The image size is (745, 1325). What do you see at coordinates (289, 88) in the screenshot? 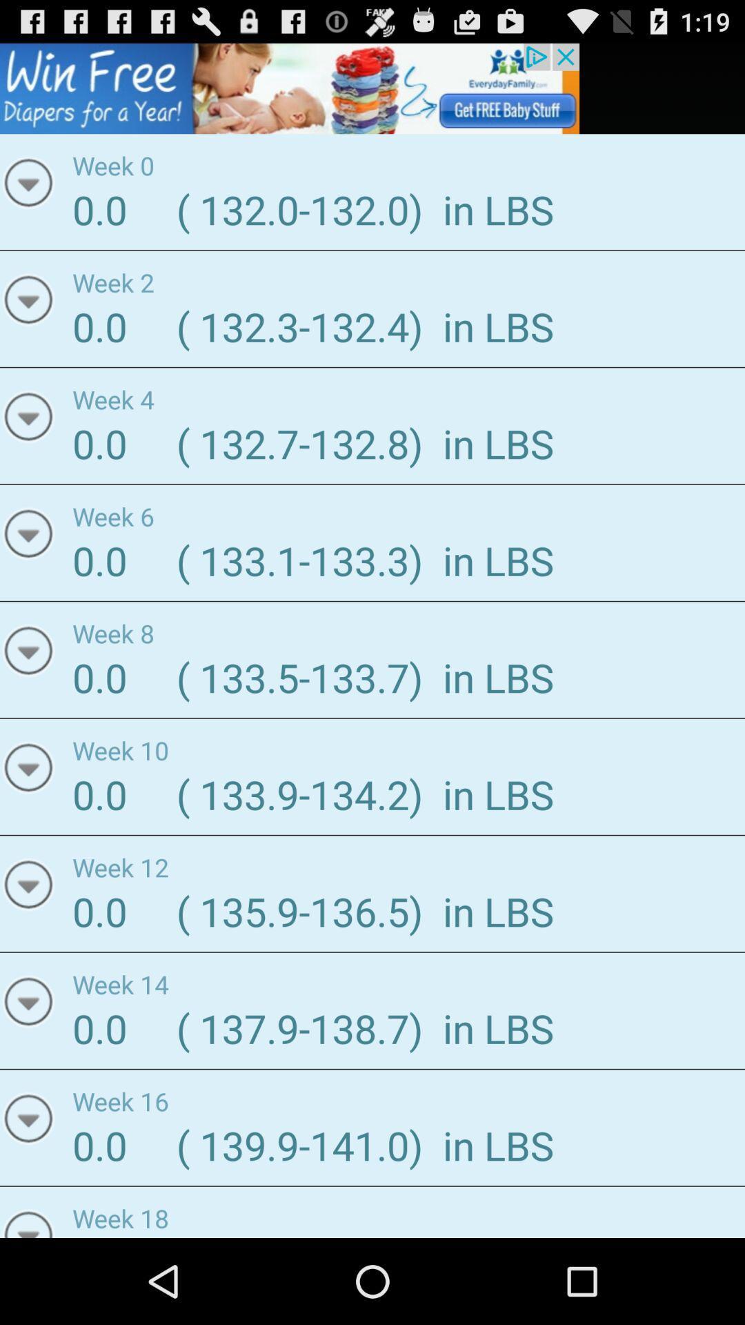
I see `advertisement` at bounding box center [289, 88].